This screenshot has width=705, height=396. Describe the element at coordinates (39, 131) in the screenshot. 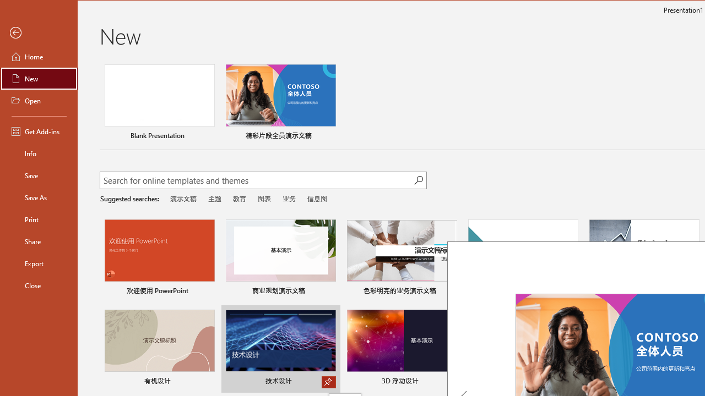

I see `'Get Add-ins'` at that location.